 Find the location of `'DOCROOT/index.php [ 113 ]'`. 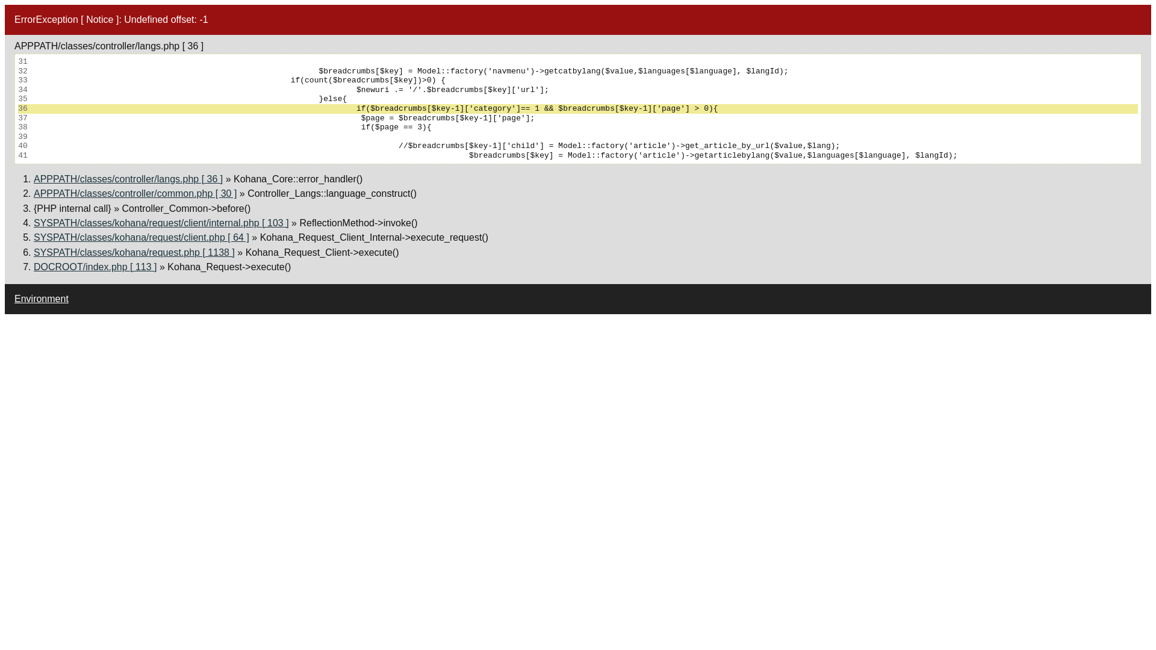

'DOCROOT/index.php [ 113 ]' is located at coordinates (34, 266).